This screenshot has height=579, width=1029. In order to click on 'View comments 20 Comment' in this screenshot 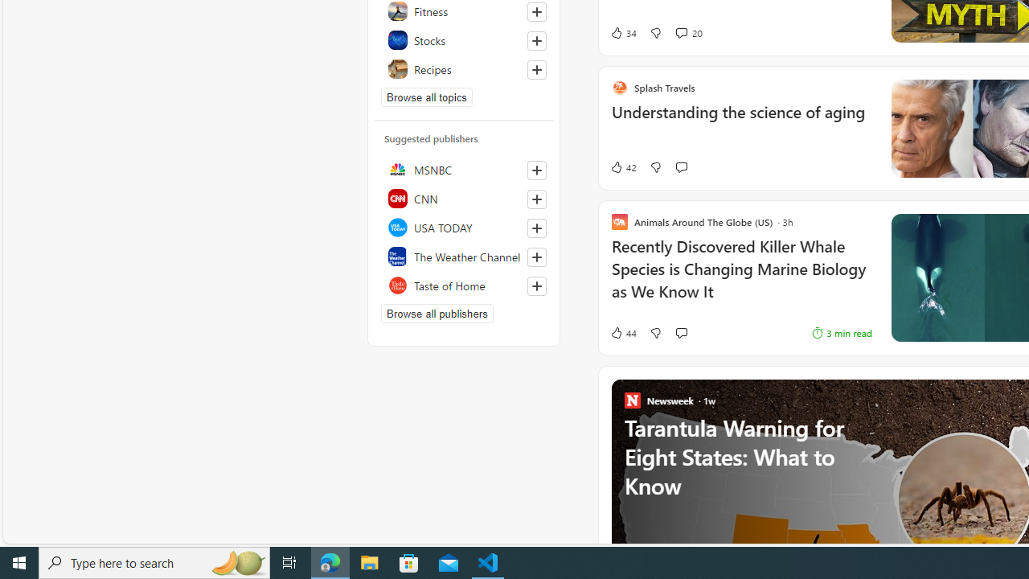, I will do `click(688, 33)`.